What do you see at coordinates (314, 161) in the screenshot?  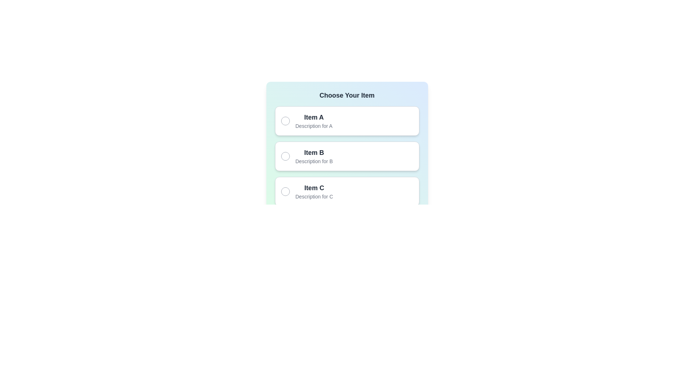 I see `the text label that provides additional details about 'Item B', which is located directly below the 'Item B' heading in the second option of a vertical list` at bounding box center [314, 161].